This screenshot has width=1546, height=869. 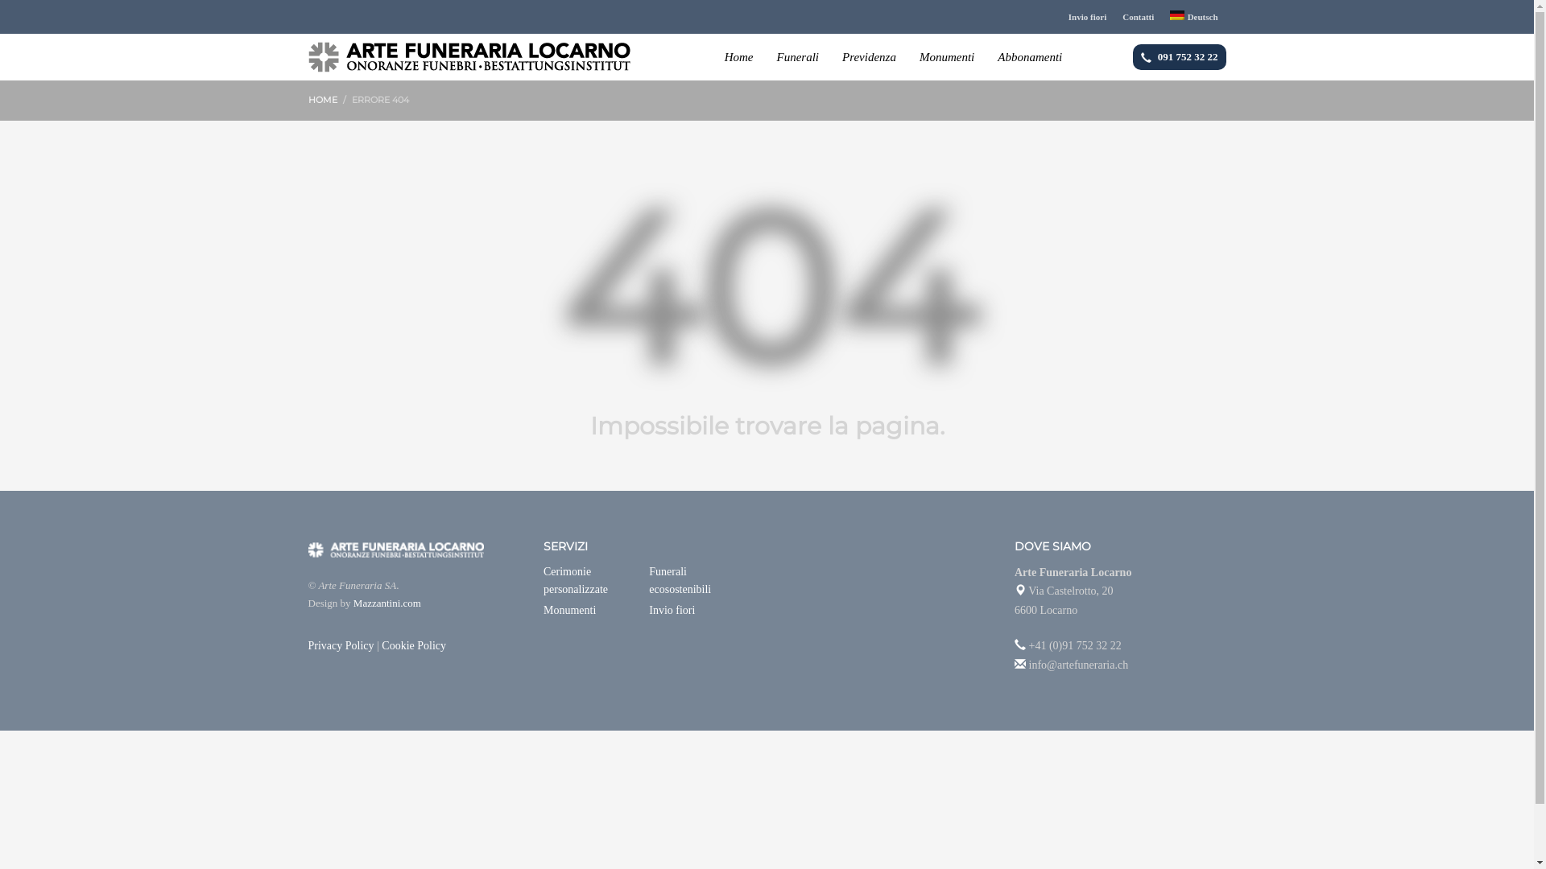 I want to click on 'Contatti', so click(x=1121, y=16).